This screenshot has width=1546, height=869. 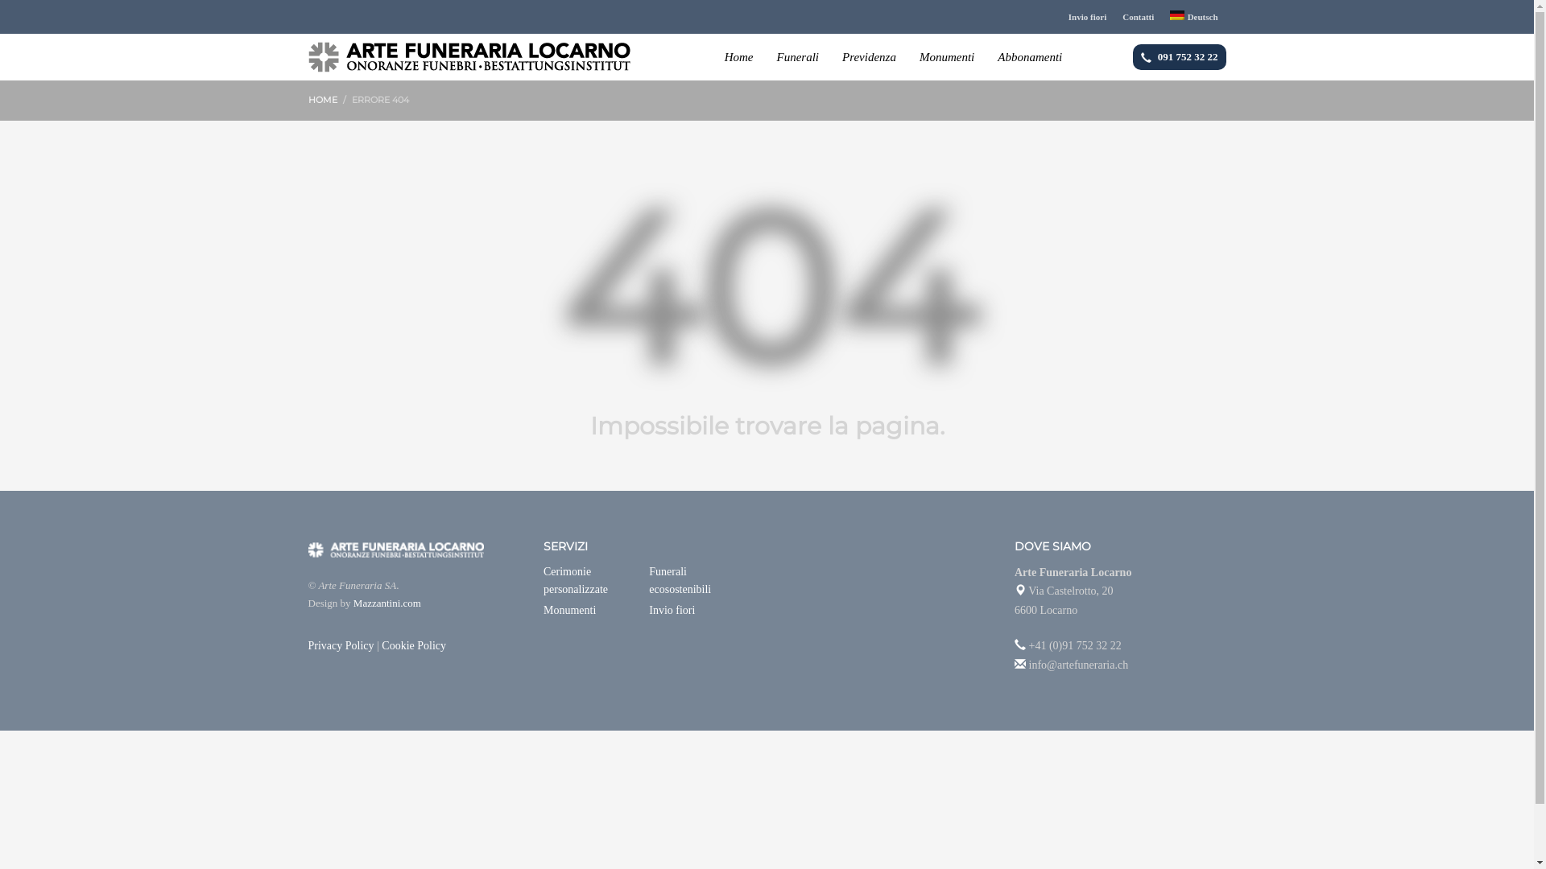 I want to click on 'Contatti', so click(x=1121, y=16).